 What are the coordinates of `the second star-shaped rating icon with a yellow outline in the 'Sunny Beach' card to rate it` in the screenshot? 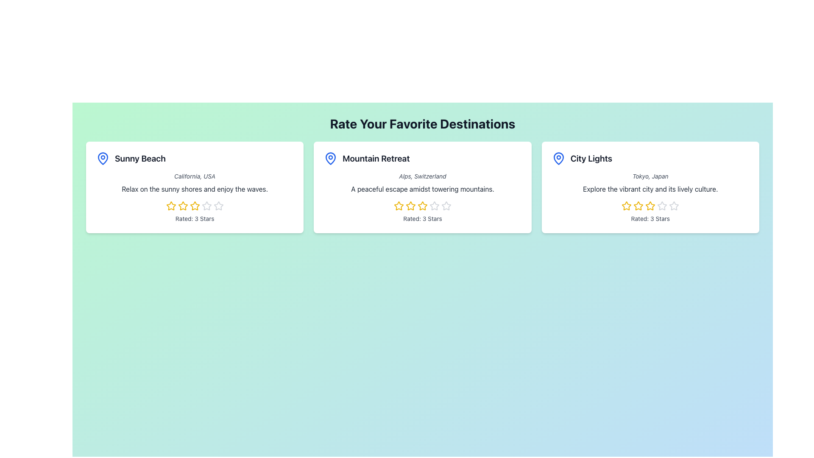 It's located at (170, 206).